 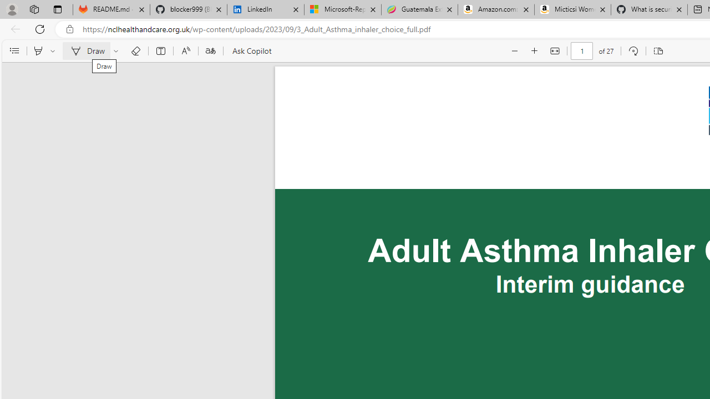 I want to click on 'Contents', so click(x=14, y=51).